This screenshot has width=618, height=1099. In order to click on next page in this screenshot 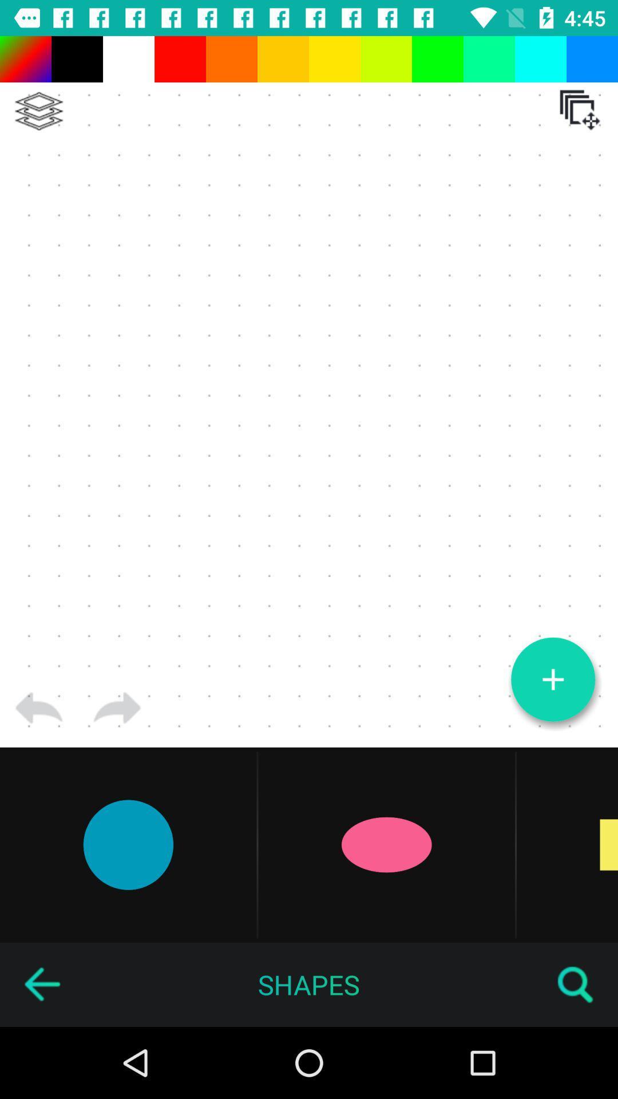, I will do `click(117, 707)`.